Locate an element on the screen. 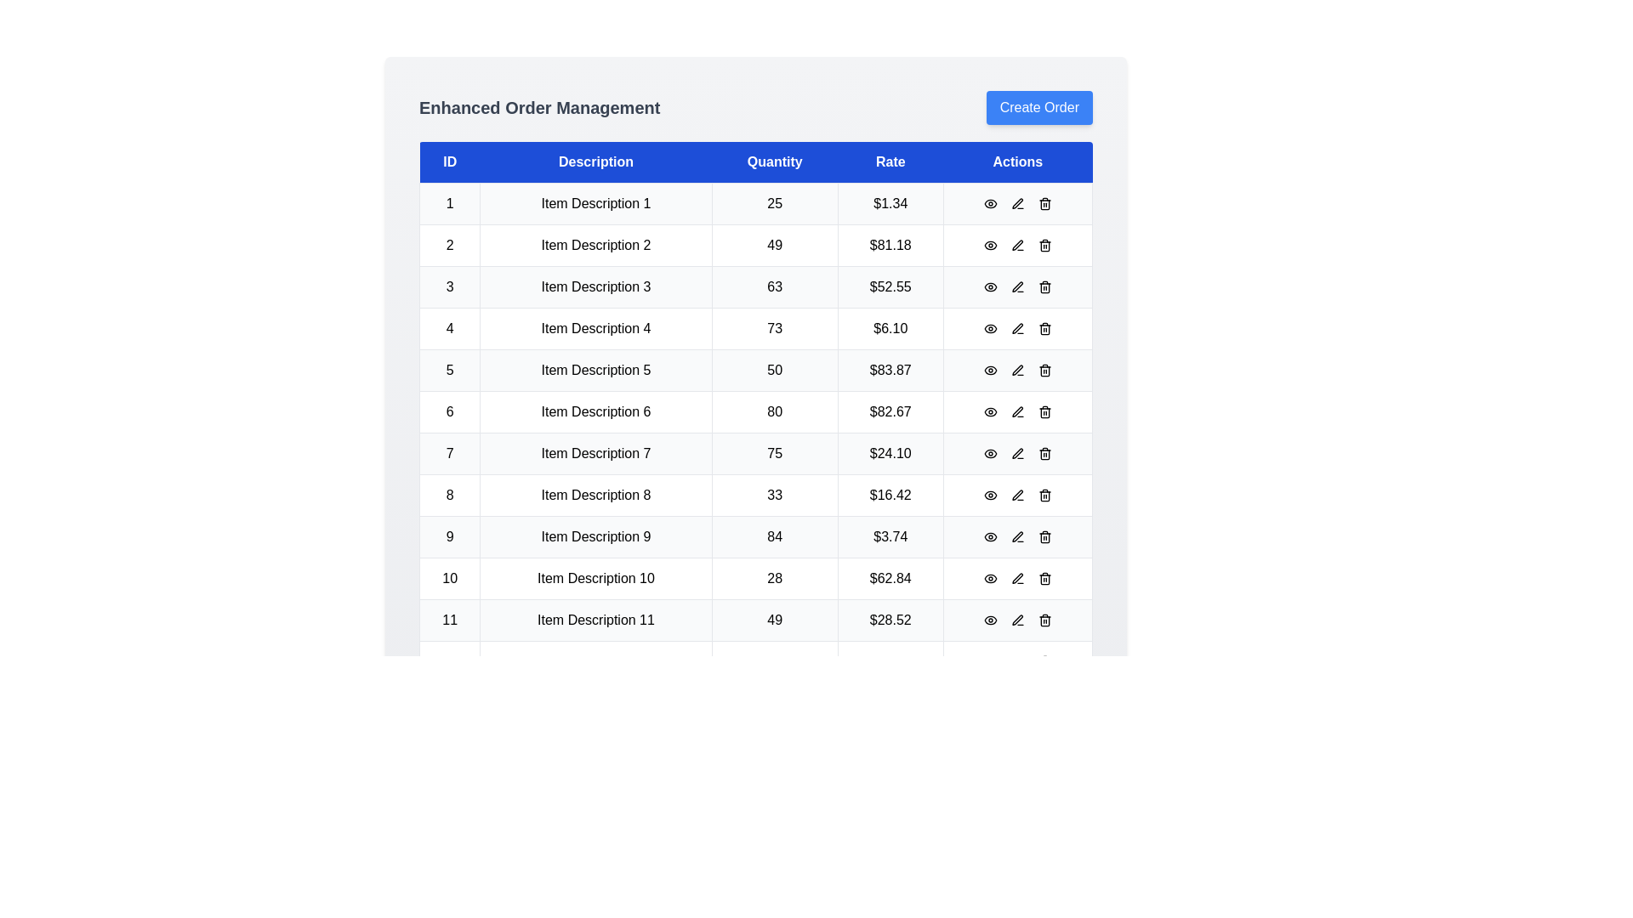  the header labeled Description to sort the table by that column is located at coordinates (595, 162).